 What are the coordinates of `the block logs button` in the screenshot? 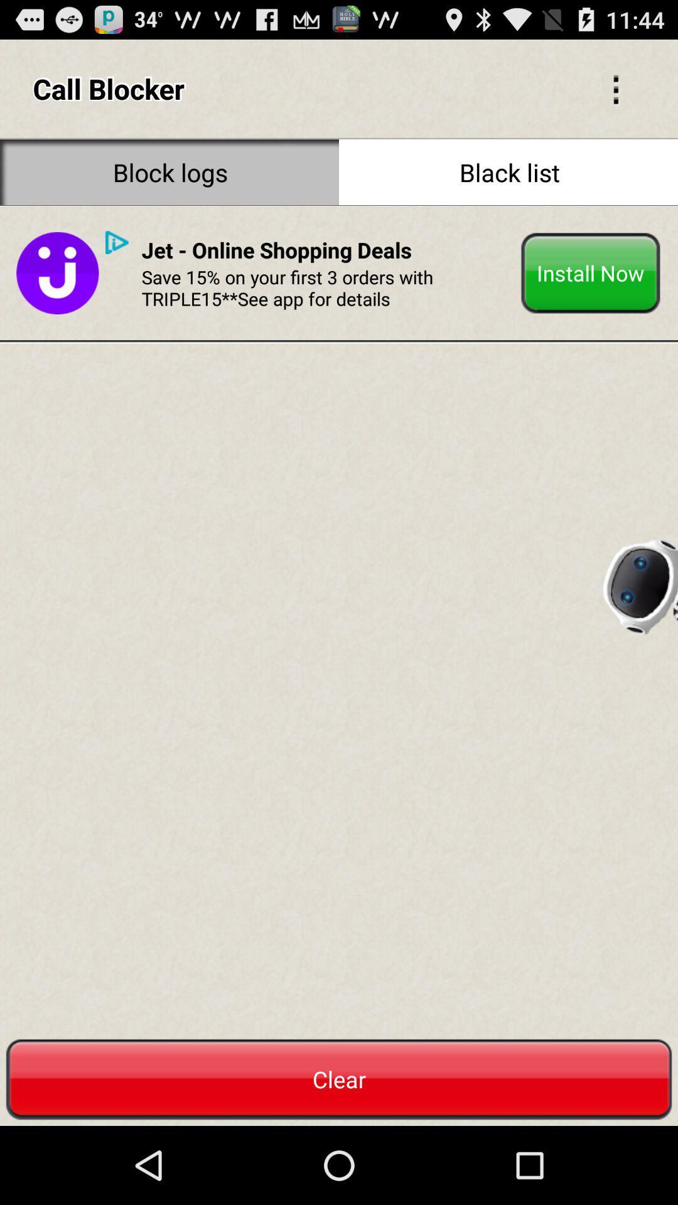 It's located at (169, 171).